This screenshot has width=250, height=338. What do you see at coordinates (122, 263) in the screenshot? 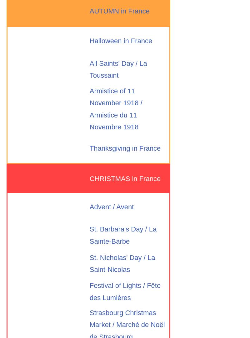
I see `'St. Nicholas' Day / La Saint-Nicolas'` at bounding box center [122, 263].